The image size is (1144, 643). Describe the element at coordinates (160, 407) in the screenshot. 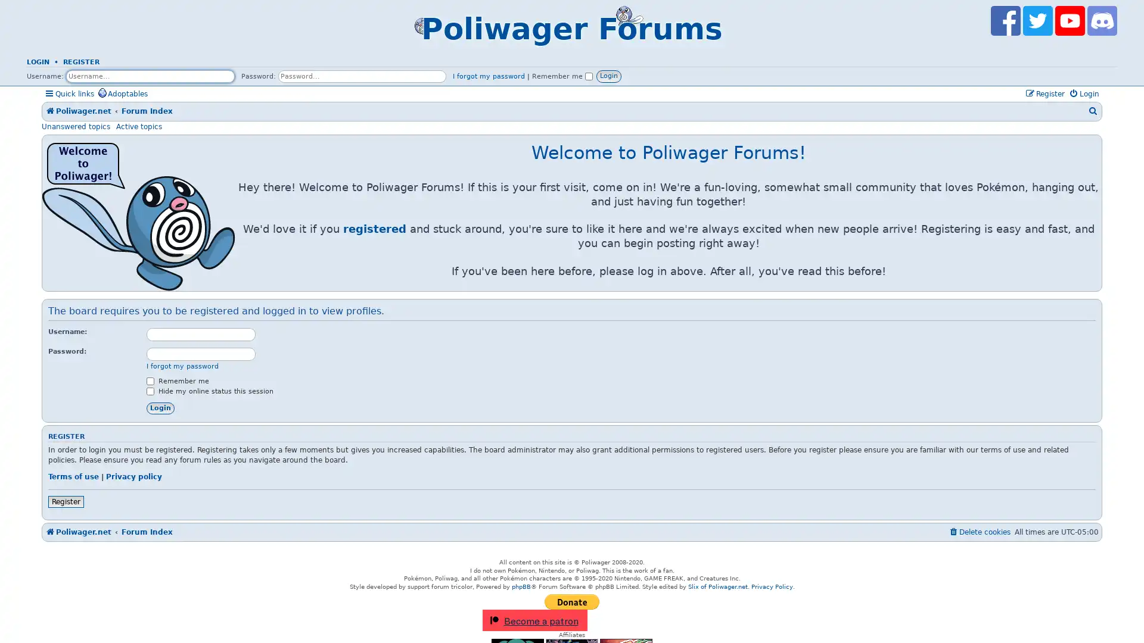

I see `Login` at that location.